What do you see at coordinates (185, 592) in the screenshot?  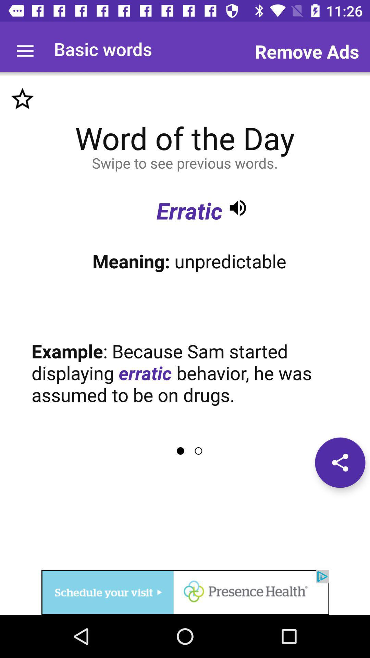 I see `click advertisement` at bounding box center [185, 592].